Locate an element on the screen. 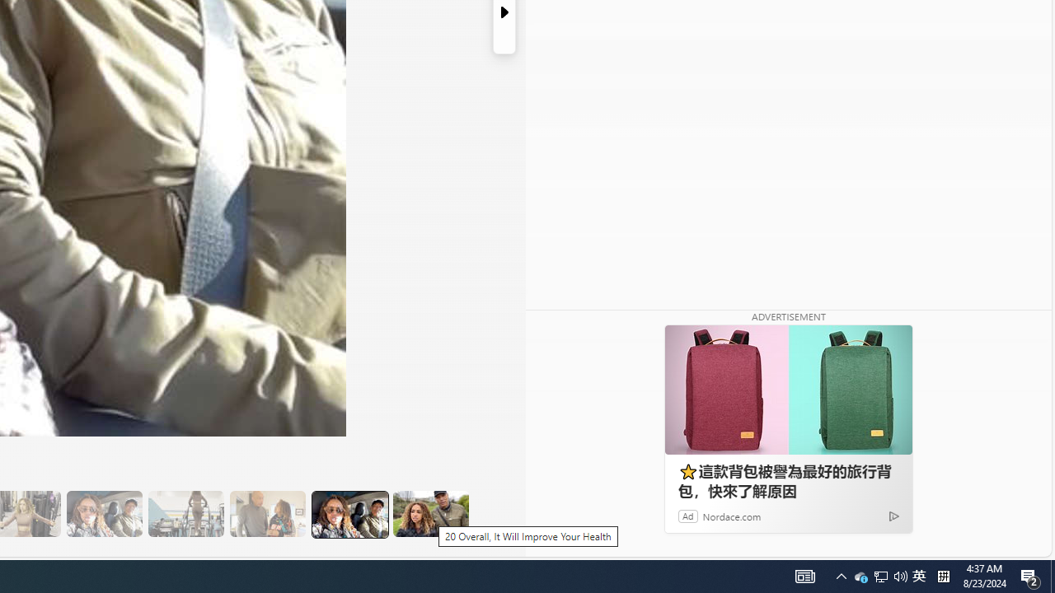 The image size is (1055, 593). 'Ad Choice' is located at coordinates (893, 515).